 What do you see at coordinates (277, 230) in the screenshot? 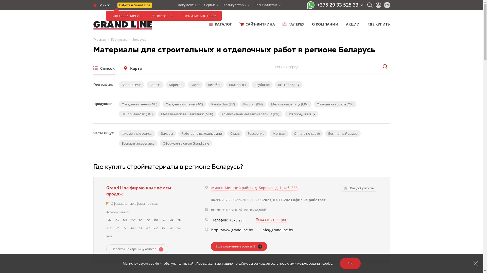
I see `'info@grandline.by'` at bounding box center [277, 230].